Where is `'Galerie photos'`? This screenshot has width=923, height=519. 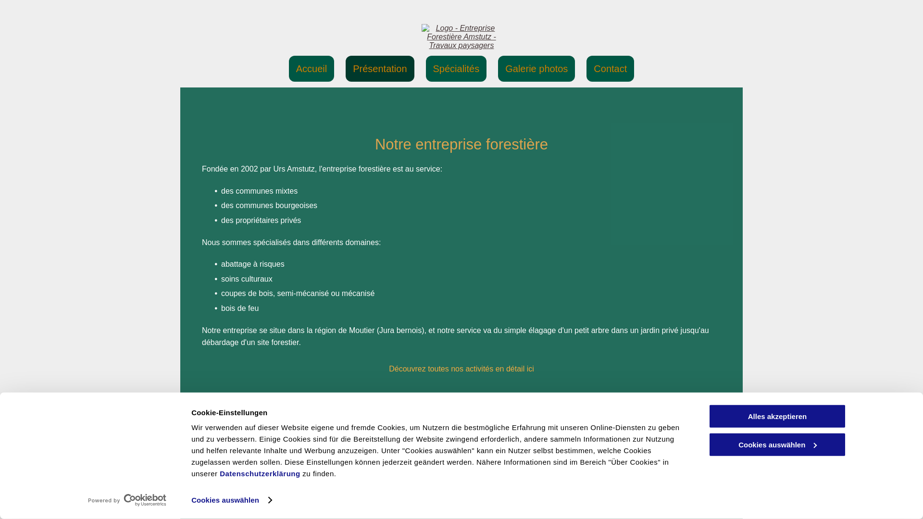 'Galerie photos' is located at coordinates (498, 68).